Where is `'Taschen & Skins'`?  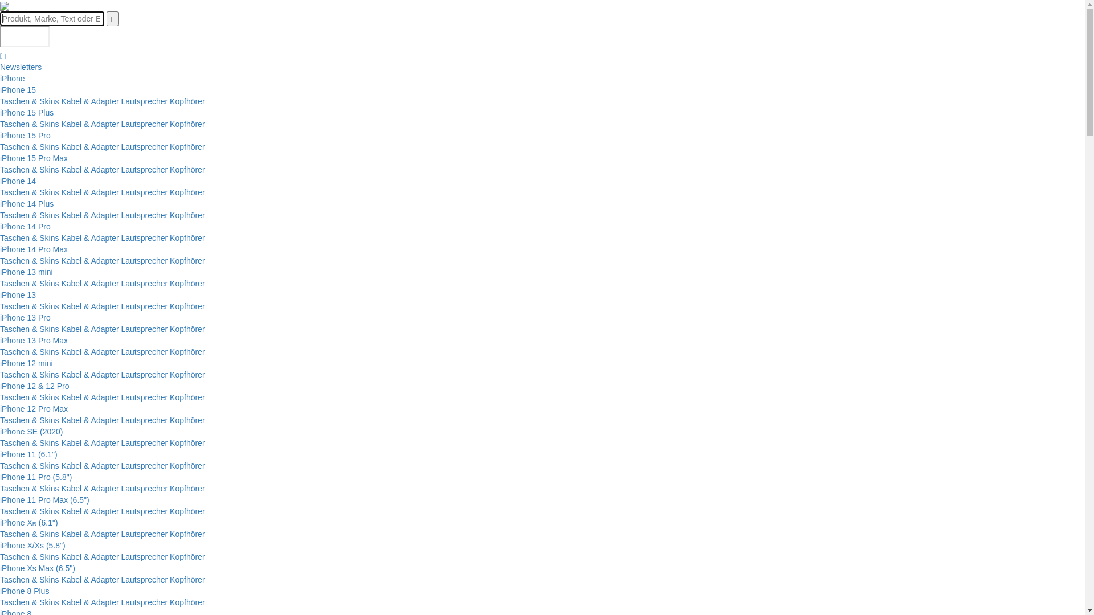 'Taschen & Skins' is located at coordinates (30, 146).